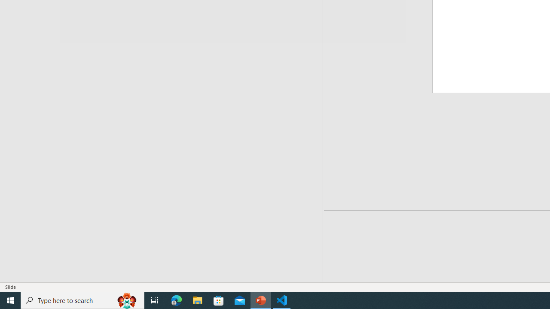  Describe the element at coordinates (176, 300) in the screenshot. I see `'Microsoft Edge'` at that location.